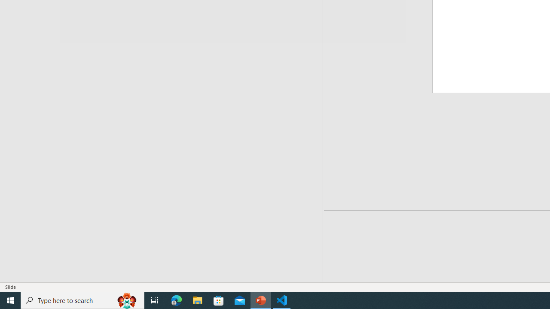  Describe the element at coordinates (176, 300) in the screenshot. I see `'Microsoft Edge'` at that location.